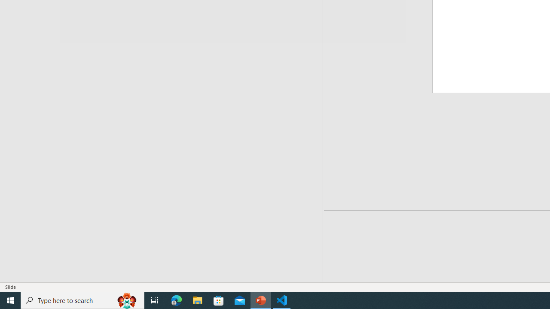  Describe the element at coordinates (176, 300) in the screenshot. I see `'Microsoft Edge'` at that location.